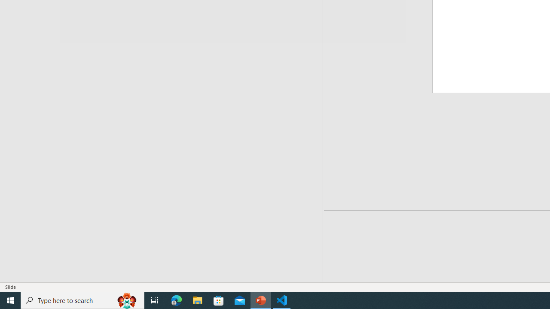  Describe the element at coordinates (176, 300) in the screenshot. I see `'Microsoft Edge'` at that location.